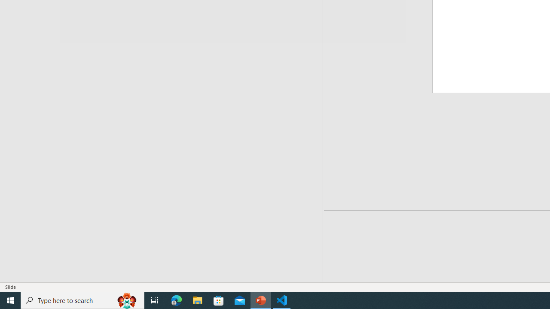  Describe the element at coordinates (176, 300) in the screenshot. I see `'Microsoft Edge'` at that location.